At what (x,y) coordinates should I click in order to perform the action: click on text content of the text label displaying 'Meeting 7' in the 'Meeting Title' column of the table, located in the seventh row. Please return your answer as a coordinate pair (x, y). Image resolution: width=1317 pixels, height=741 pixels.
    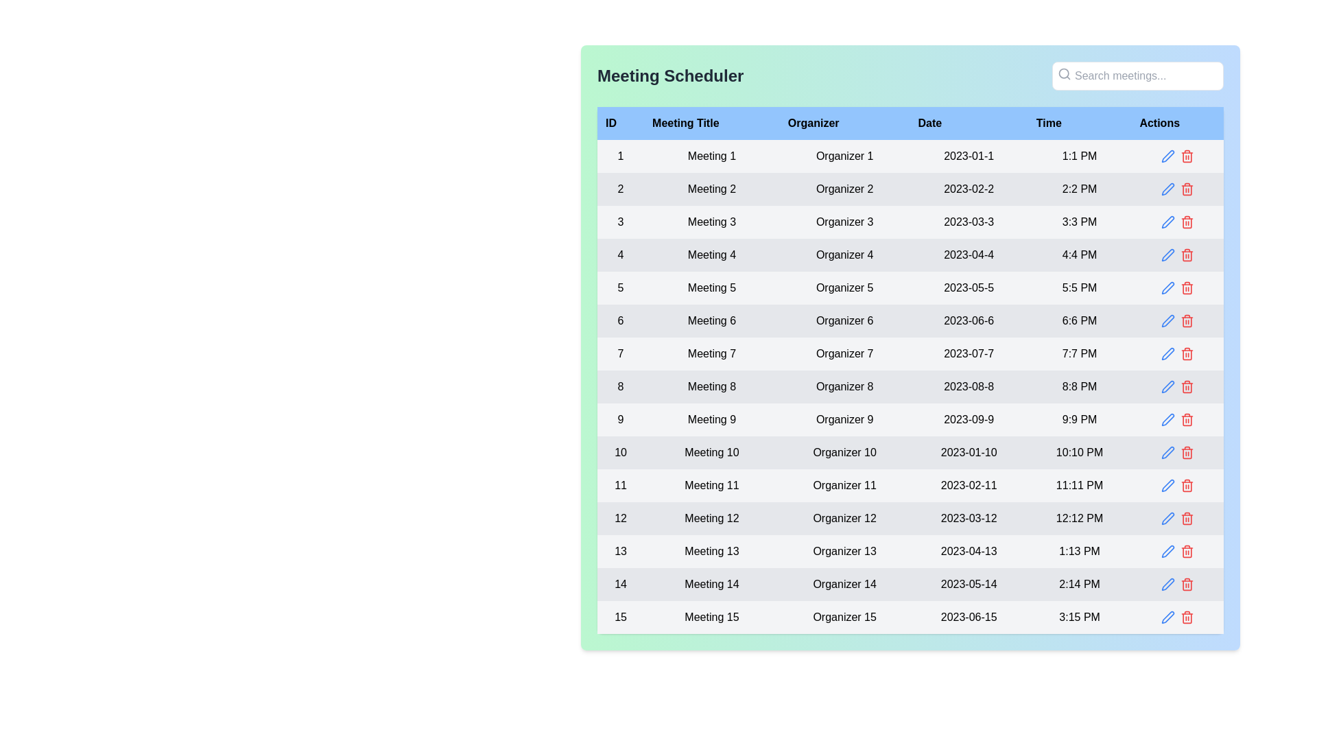
    Looking at the image, I should click on (711, 353).